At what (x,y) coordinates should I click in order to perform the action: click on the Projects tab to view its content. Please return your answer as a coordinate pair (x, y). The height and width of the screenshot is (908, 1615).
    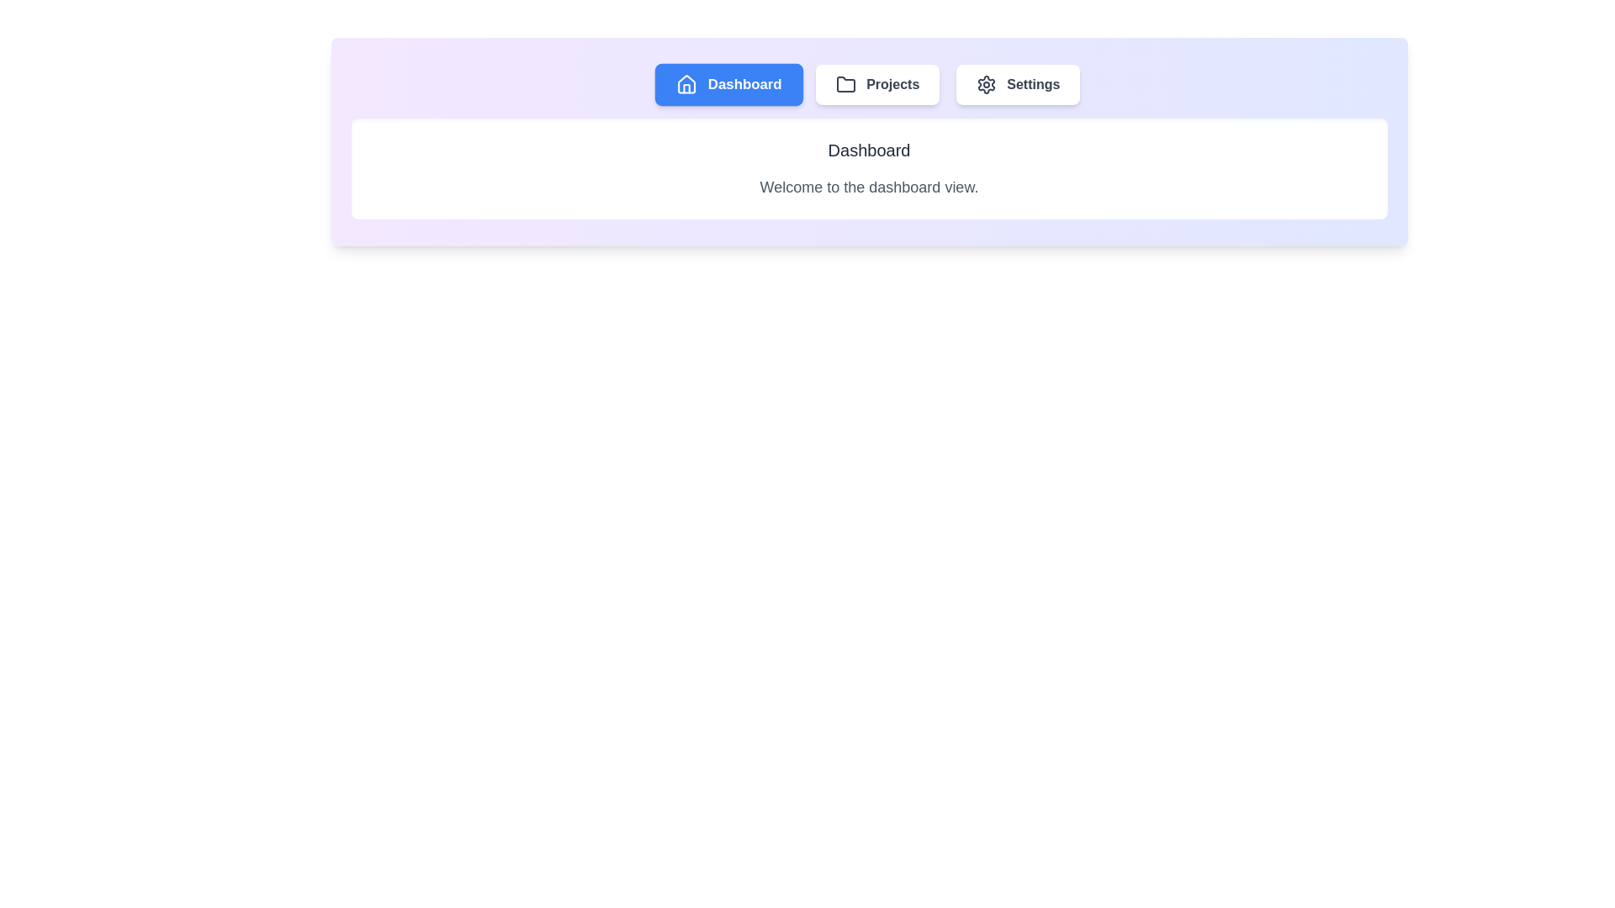
    Looking at the image, I should click on (876, 84).